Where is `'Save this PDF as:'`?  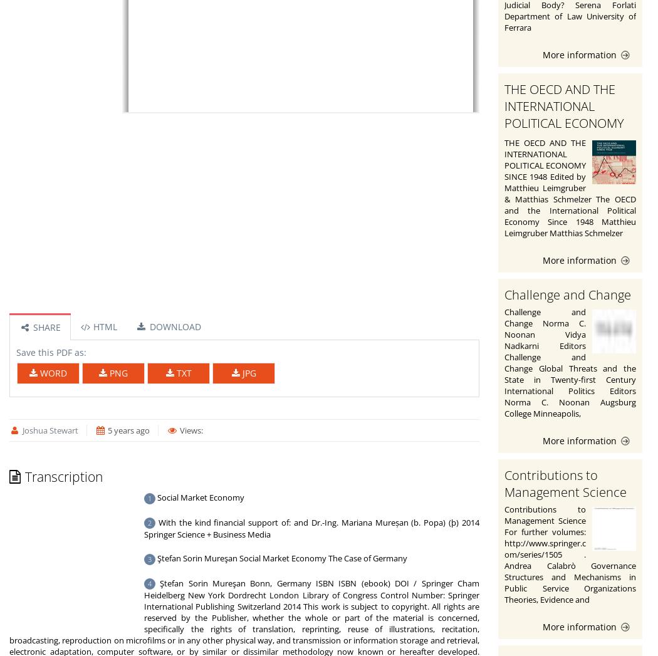 'Save this PDF as:' is located at coordinates (51, 352).